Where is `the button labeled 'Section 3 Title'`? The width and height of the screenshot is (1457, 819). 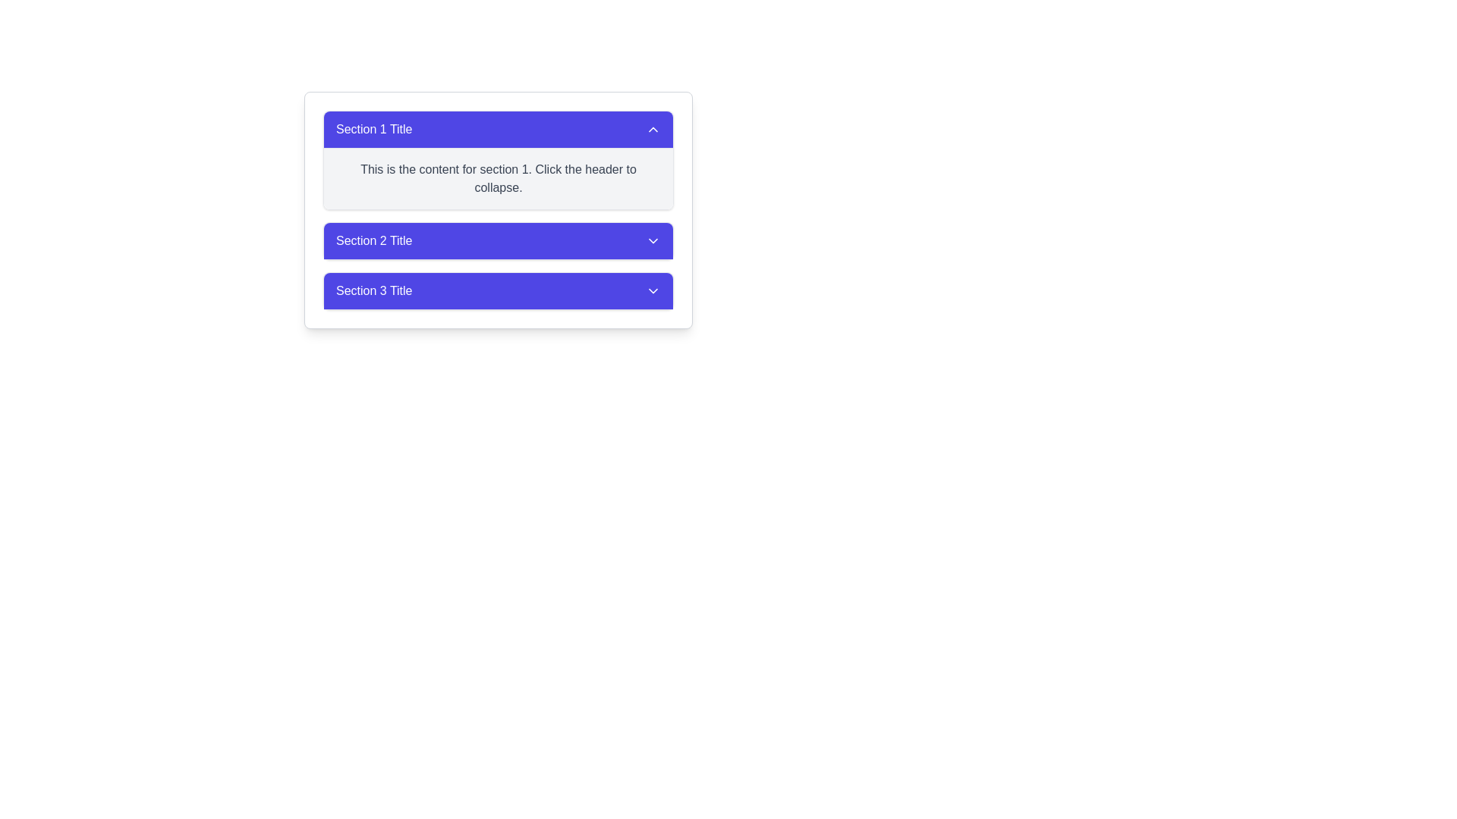
the button labeled 'Section 3 Title' is located at coordinates (499, 291).